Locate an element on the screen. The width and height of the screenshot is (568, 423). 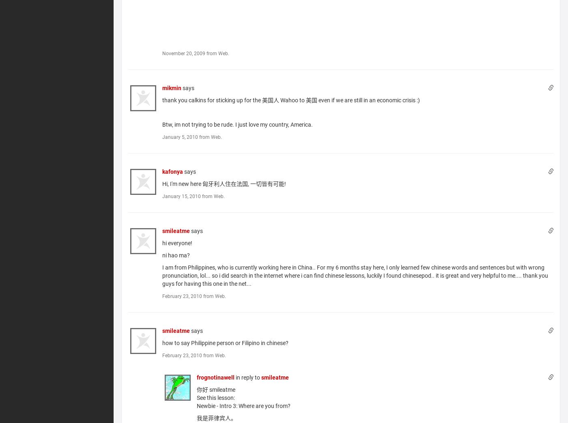
'I am from Philippines, who is currently working here in China.. For my 6 months stay here, I only learned few chinese words and sentences but with wrong pronunciation, lol... so i did search in the internet where i can find chinese lessons, luckily I found chinesepod.. it is great and very helpful to me.... thank you guys for having this one in the net...' is located at coordinates (355, 275).